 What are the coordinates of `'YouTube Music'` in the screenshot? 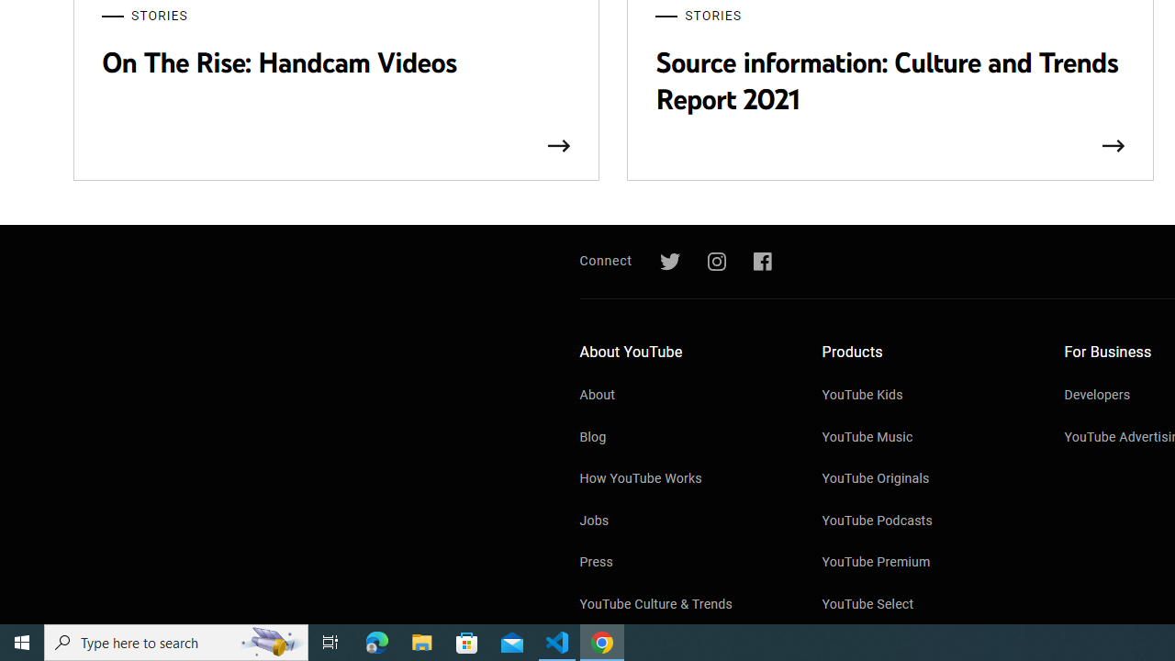 It's located at (924, 439).